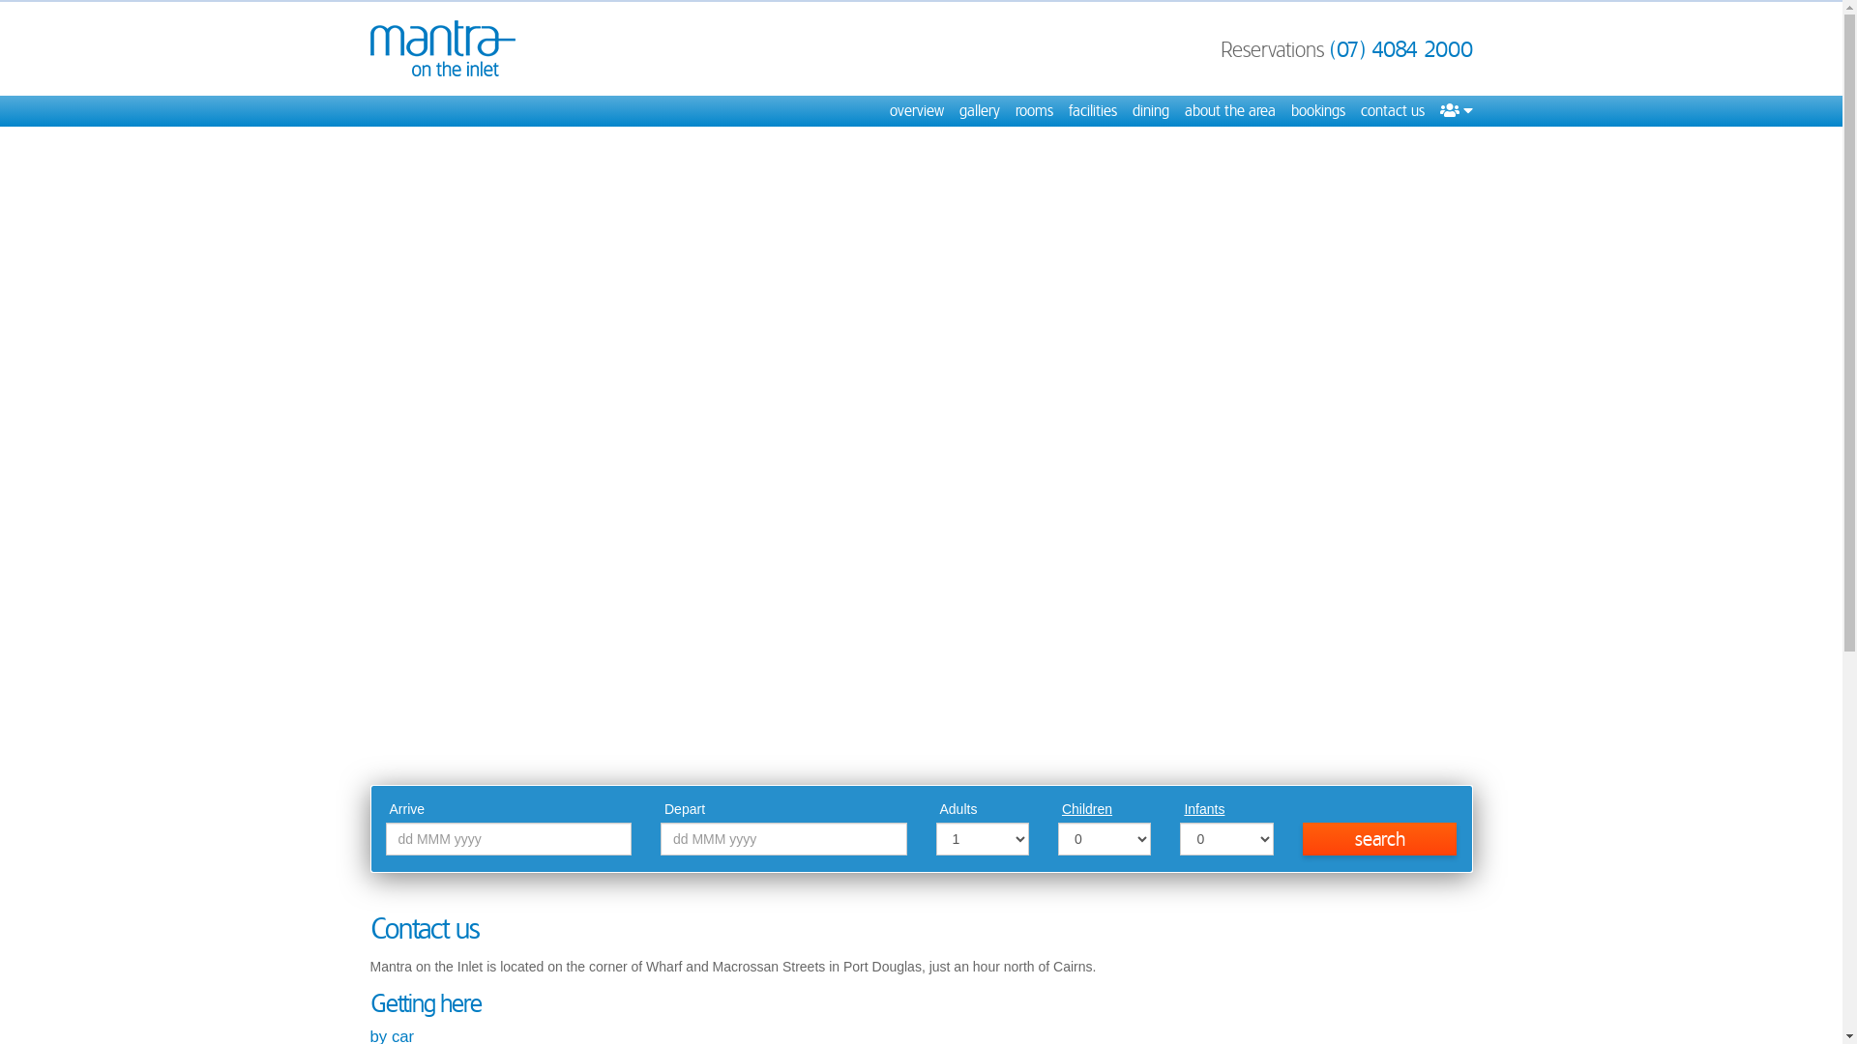  Describe the element at coordinates (1359, 111) in the screenshot. I see `'contact us'` at that location.